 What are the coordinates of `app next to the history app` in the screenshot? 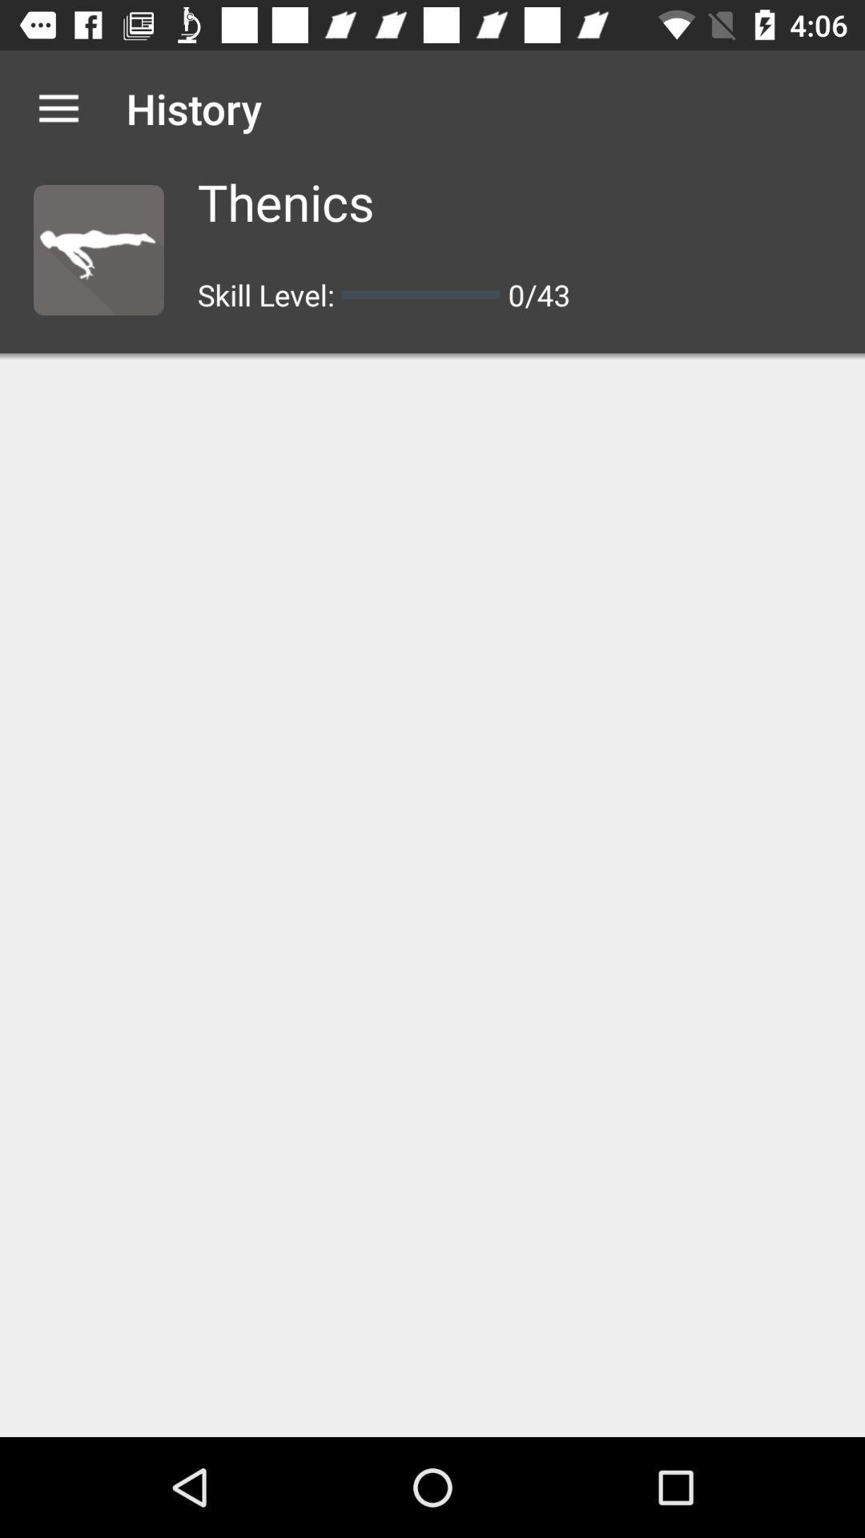 It's located at (58, 107).